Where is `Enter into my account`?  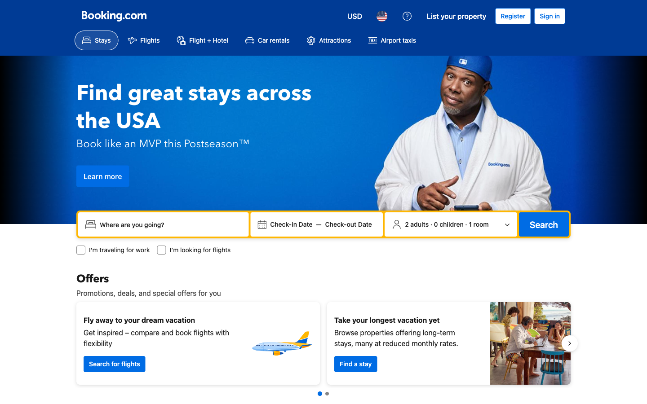
Enter into my account is located at coordinates (549, 16).